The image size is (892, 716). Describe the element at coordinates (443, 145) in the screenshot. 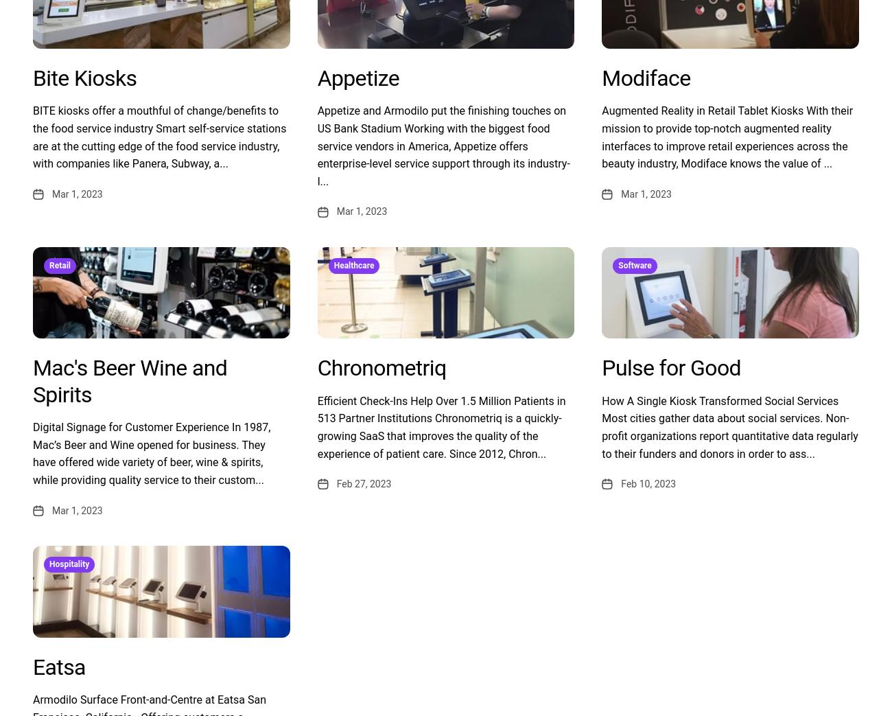

I see `'Appetize and Armodilo put the finishing touches on US Bank Stadium

Working with the biggest food service vendors in America, Appetize offers enterprise-level service support through its industry-l...'` at that location.